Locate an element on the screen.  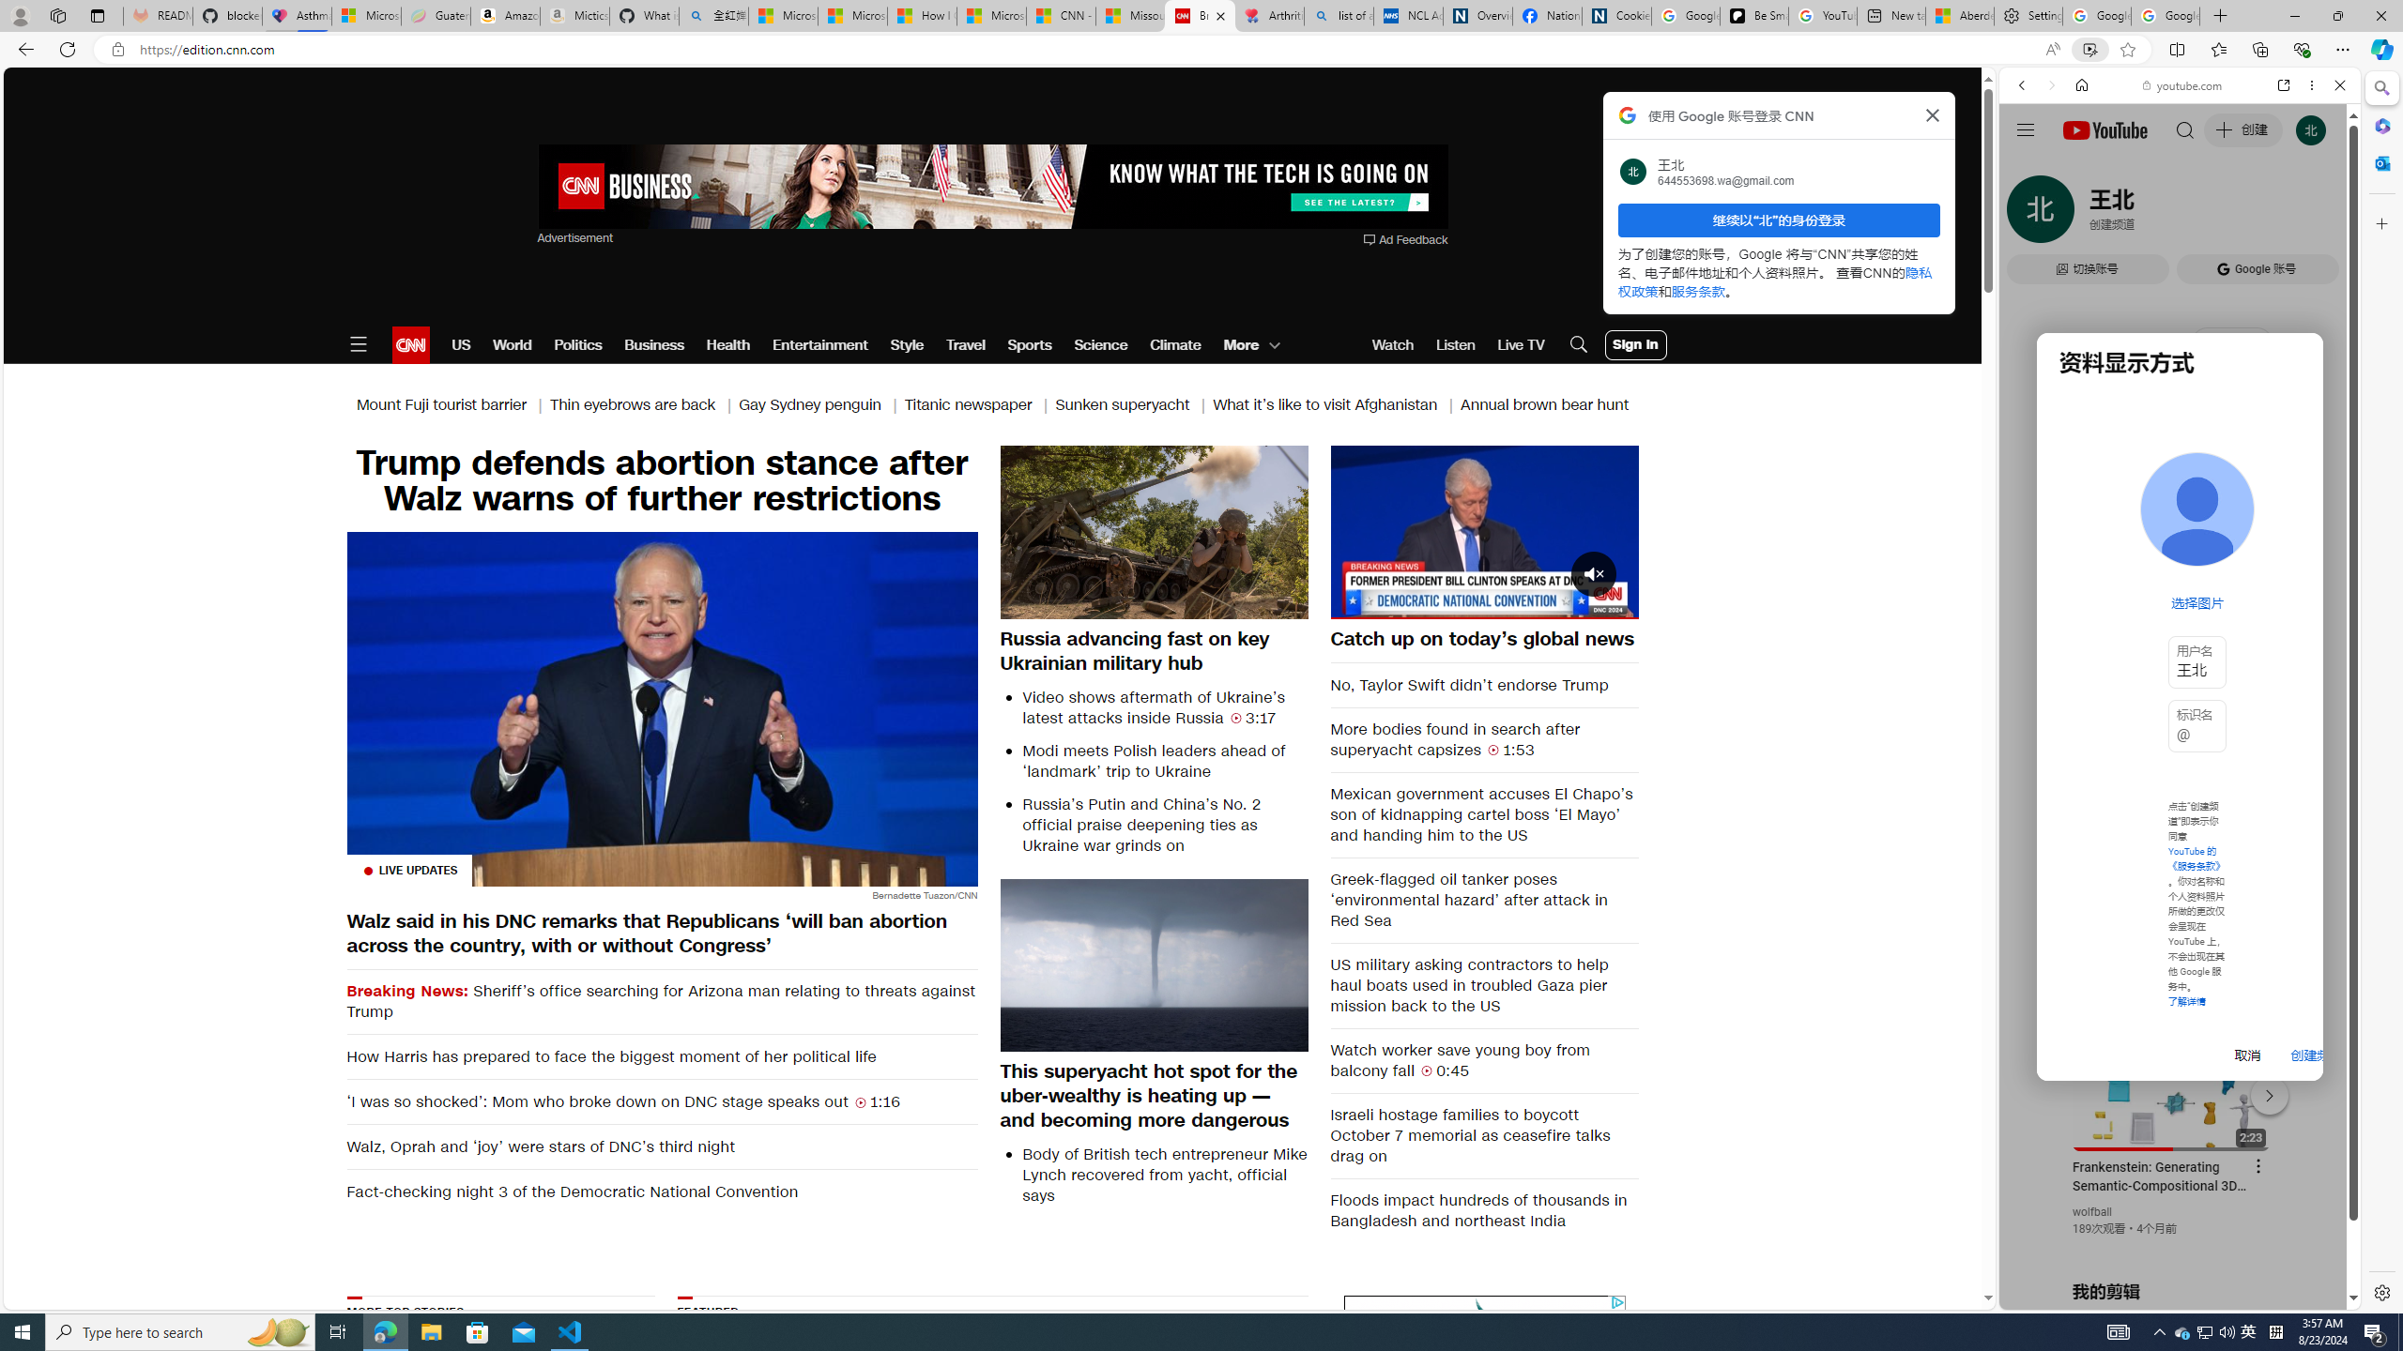
'More bodies found in search after superyacht capsizes 1:53' is located at coordinates (1484, 739).